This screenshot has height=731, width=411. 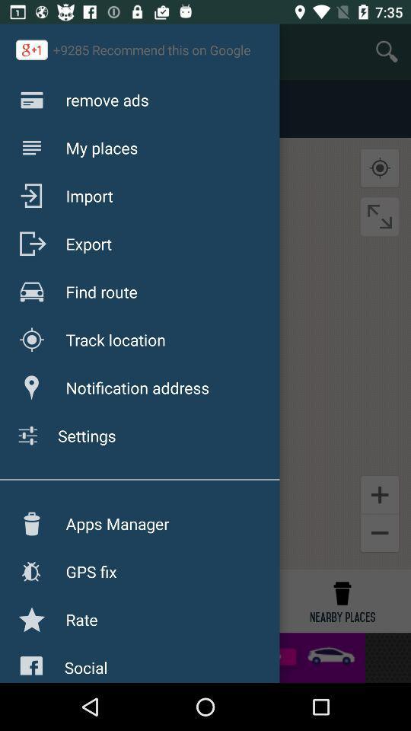 What do you see at coordinates (379, 168) in the screenshot?
I see `the location_crosshair icon` at bounding box center [379, 168].